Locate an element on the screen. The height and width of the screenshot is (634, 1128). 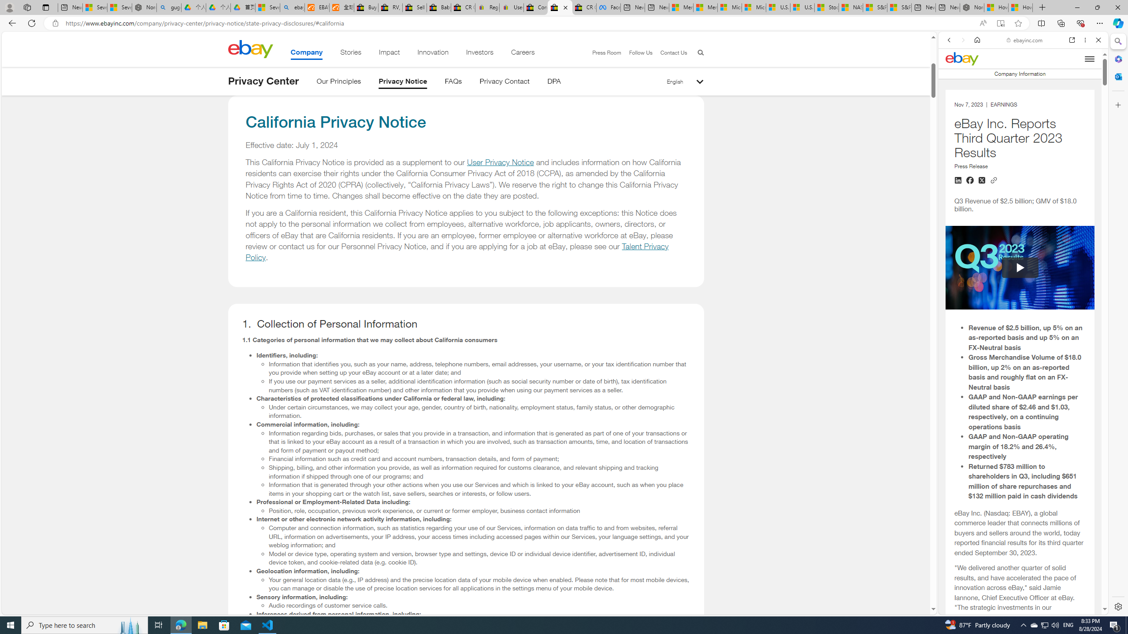
'Privacy Contact' is located at coordinates (505, 82).